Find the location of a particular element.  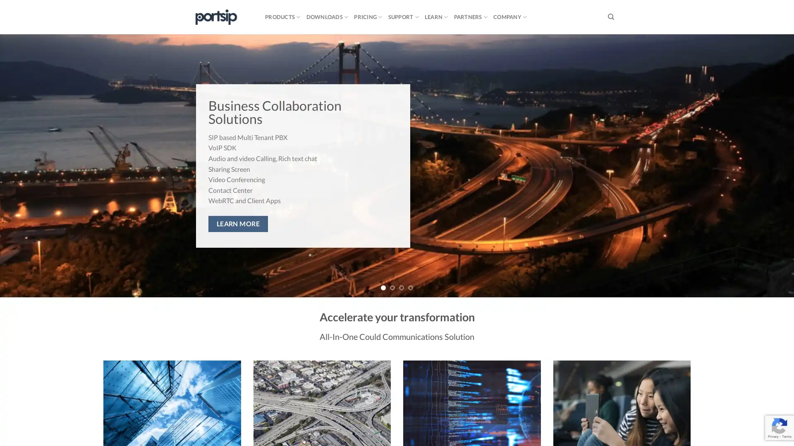

Previous is located at coordinates (26, 166).